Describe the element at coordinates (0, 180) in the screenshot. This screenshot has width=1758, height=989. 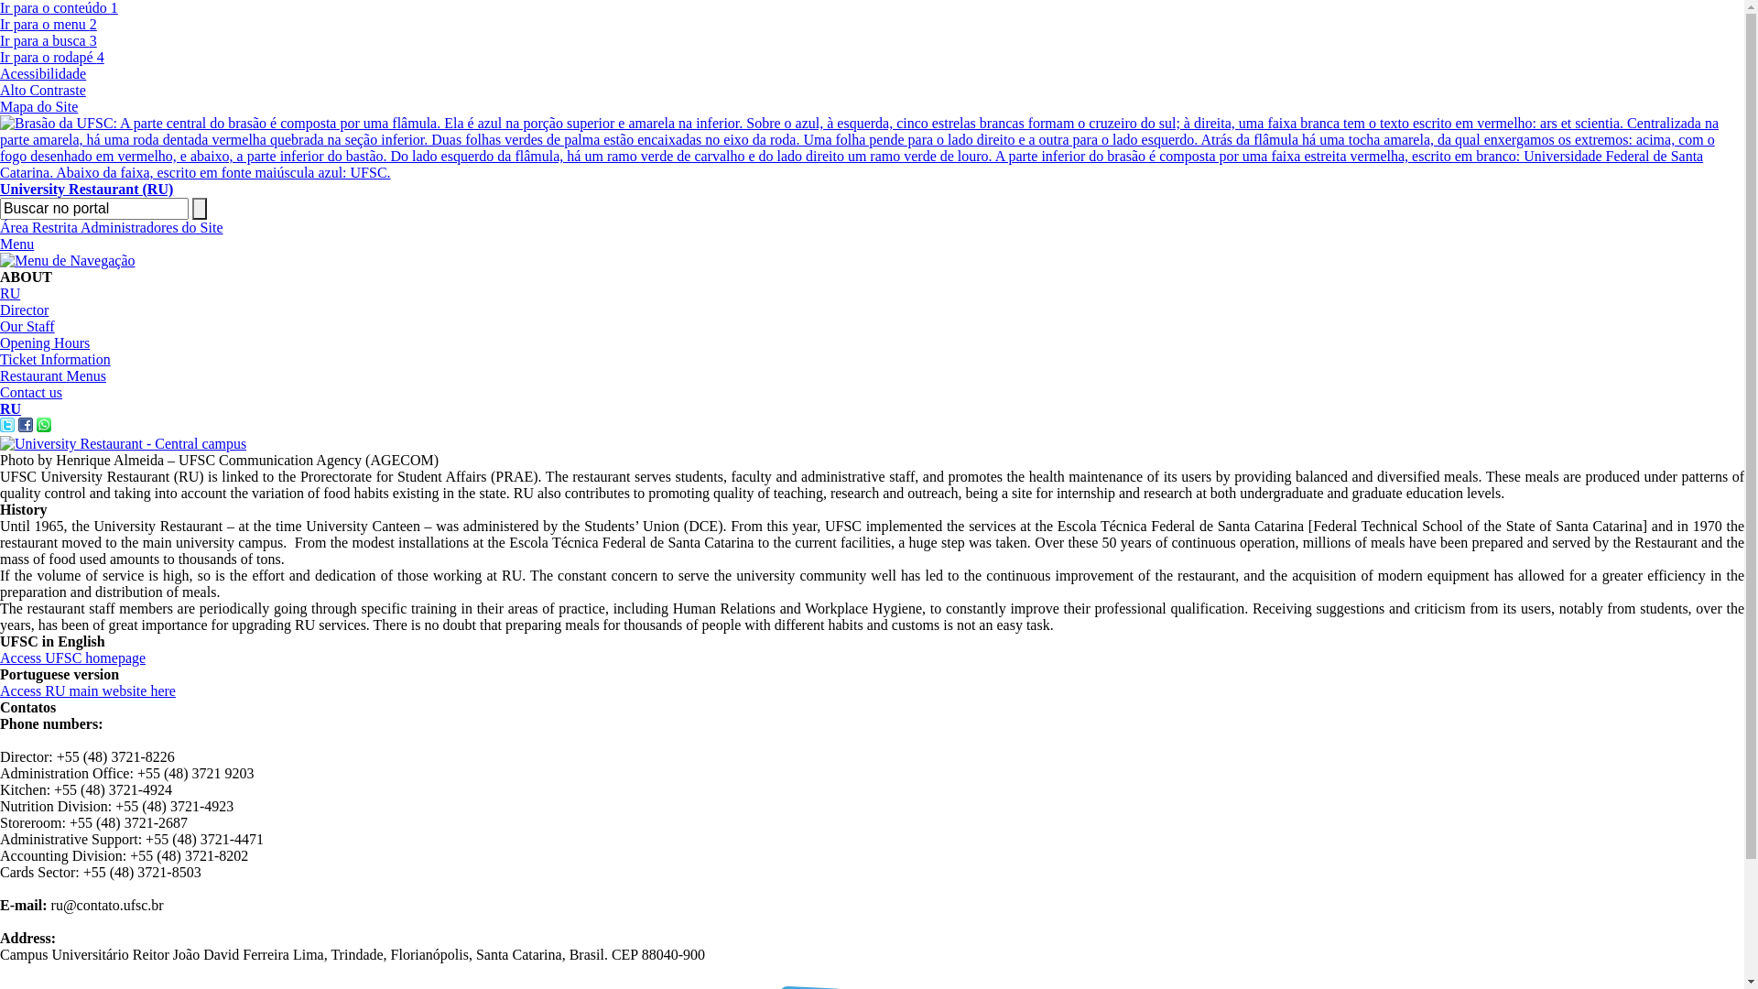
I see `'University Restaurant (RU)'` at that location.